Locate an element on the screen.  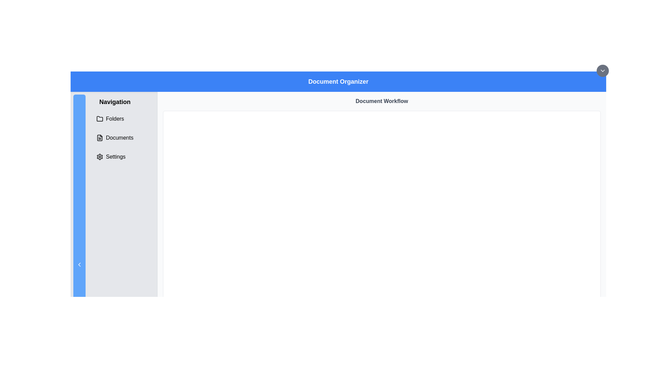
the first item in the vertical navigation menu labeled 'Folders' is located at coordinates (115, 119).